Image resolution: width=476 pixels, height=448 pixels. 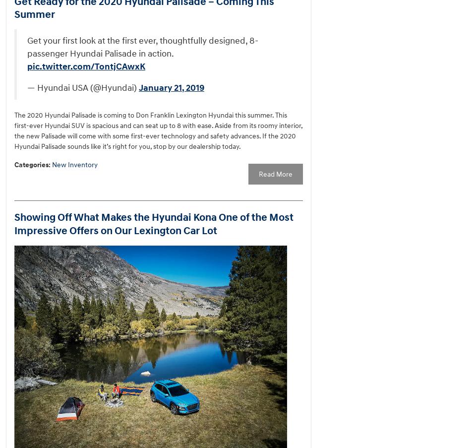 I want to click on 'Showing Off What Makes the Hyundai Kona One of the Most Impressive Offers on Our Lexington Car Lot', so click(x=154, y=224).